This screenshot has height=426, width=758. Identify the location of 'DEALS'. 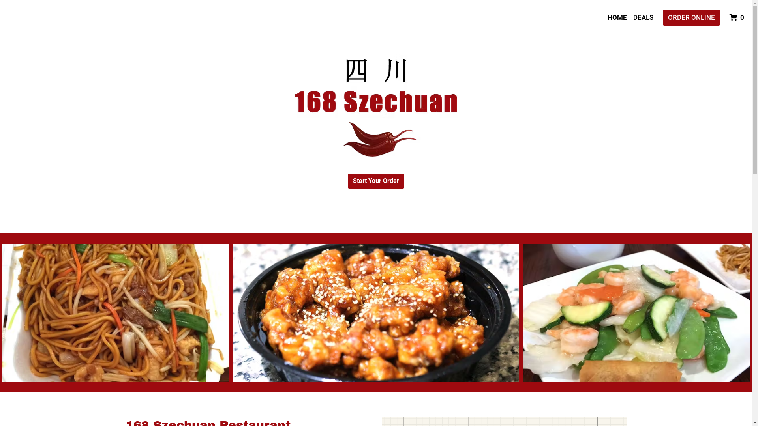
(643, 18).